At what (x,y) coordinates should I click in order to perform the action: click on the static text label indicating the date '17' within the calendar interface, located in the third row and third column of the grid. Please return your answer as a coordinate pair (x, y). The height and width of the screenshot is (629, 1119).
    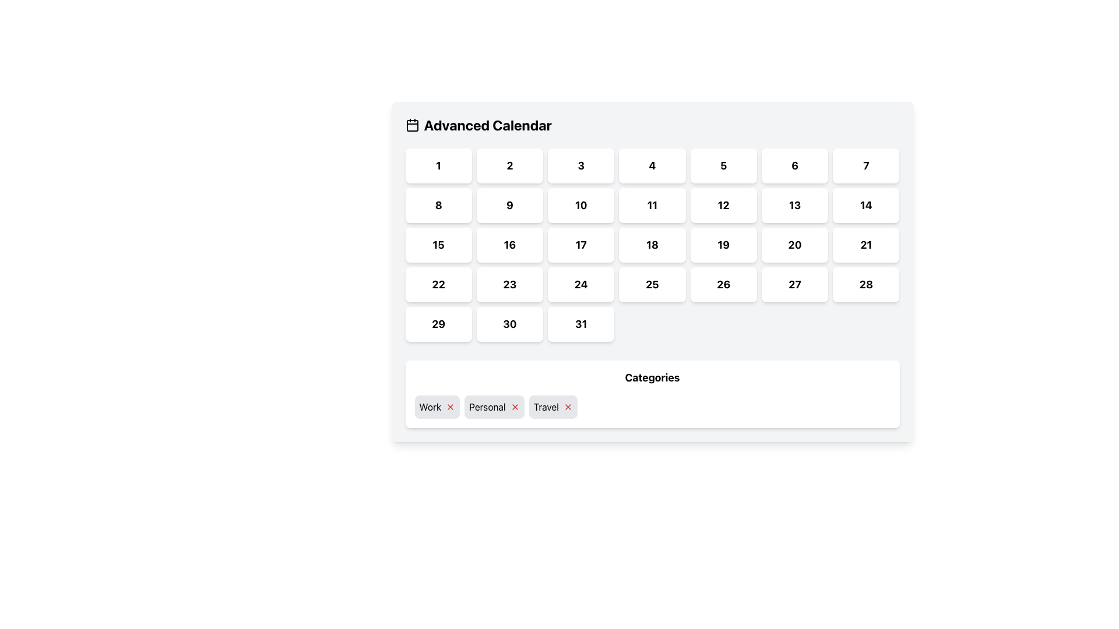
    Looking at the image, I should click on (581, 244).